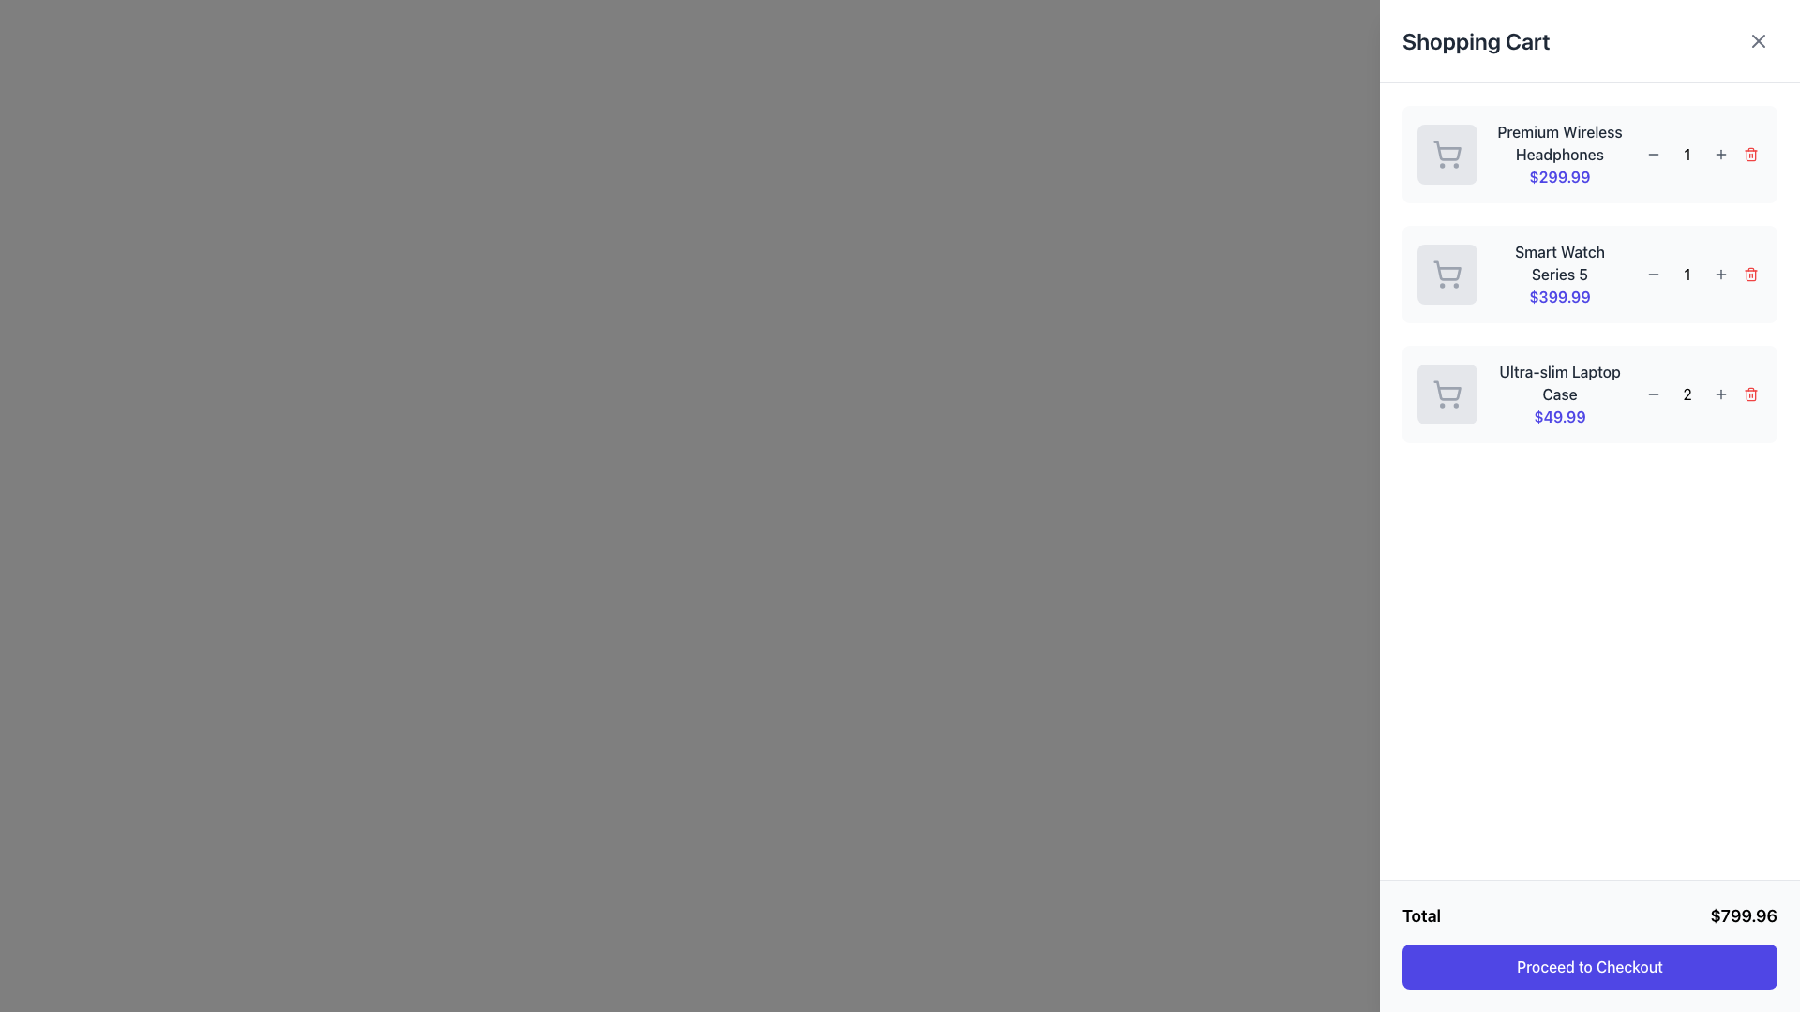 This screenshot has height=1012, width=1800. I want to click on the small, square '+' button, so click(1721, 154).